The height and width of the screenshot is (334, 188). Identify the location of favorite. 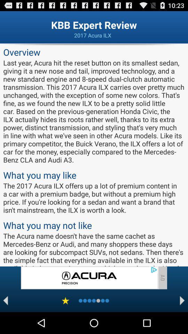
(65, 300).